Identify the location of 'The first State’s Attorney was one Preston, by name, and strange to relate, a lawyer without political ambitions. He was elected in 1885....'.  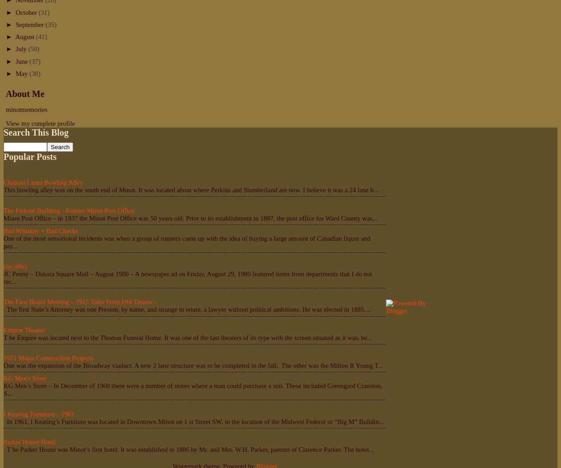
(187, 309).